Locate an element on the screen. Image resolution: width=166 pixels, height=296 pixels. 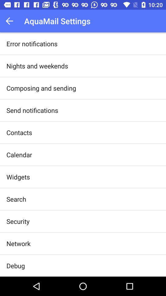
the item above composing and sending is located at coordinates (37, 66).